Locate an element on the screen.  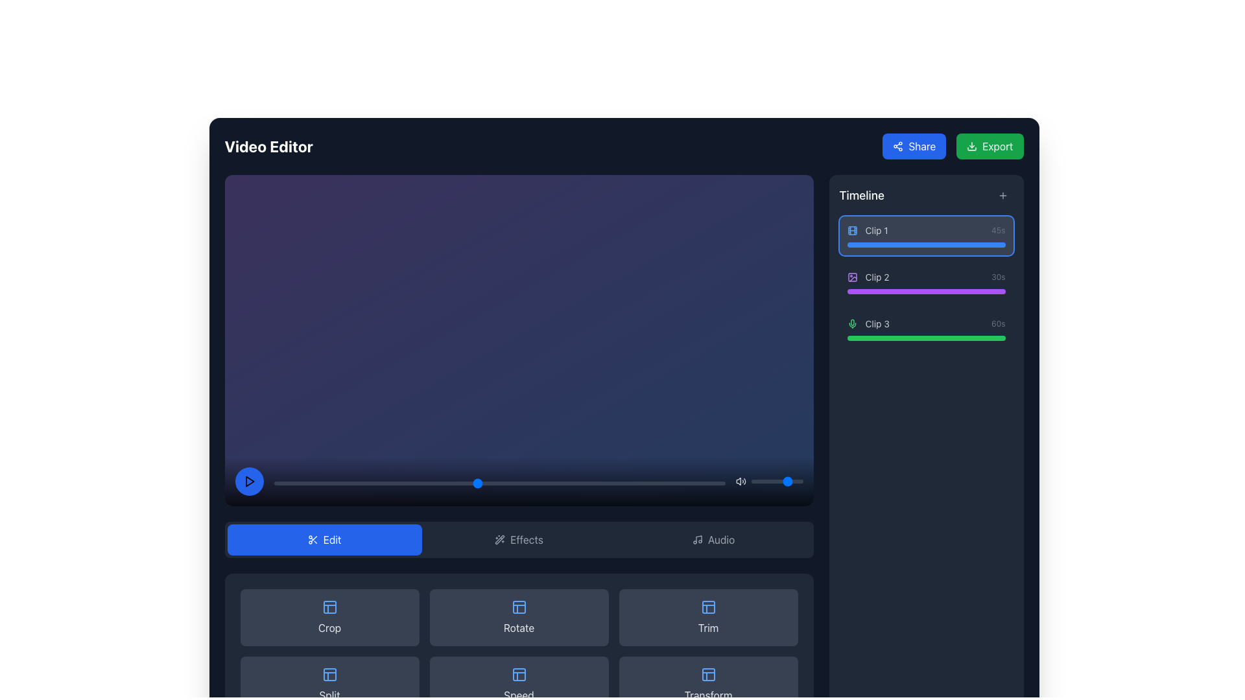
the thin horizontal green progress bar located in the 'Timeline' section, directly below 'Clip 3' and the microphone icon is located at coordinates (925, 337).